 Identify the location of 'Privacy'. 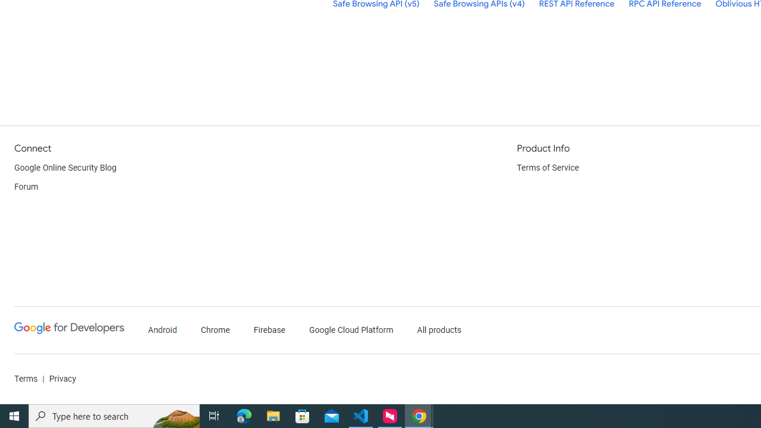
(61, 379).